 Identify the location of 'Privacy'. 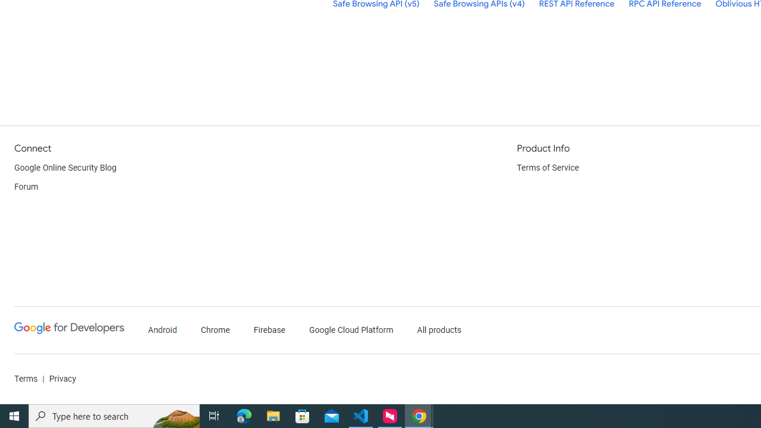
(61, 379).